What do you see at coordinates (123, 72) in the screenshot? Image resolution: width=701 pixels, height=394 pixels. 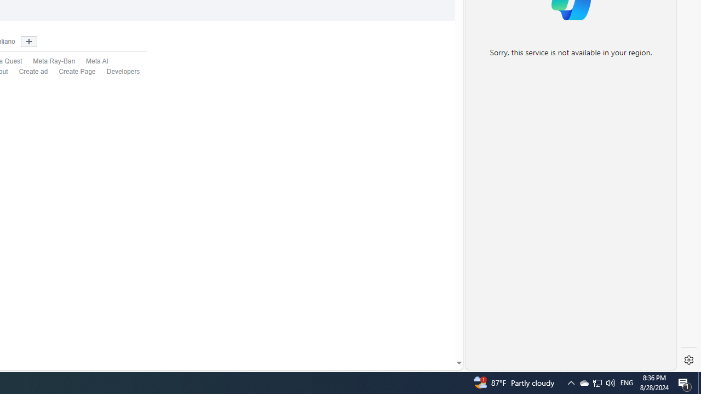 I see `'Developers'` at bounding box center [123, 72].